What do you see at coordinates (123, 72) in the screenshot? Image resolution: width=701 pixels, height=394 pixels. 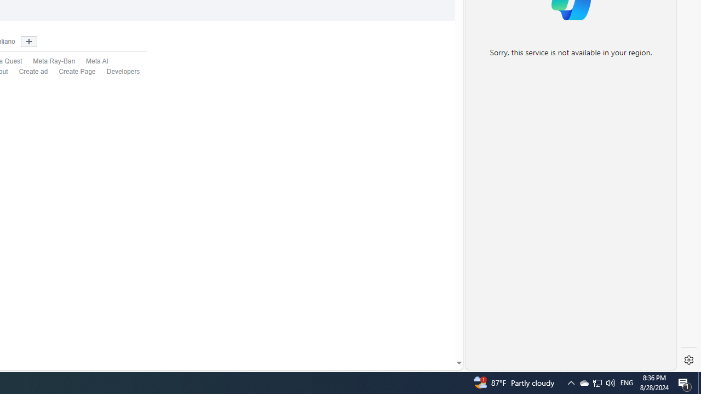 I see `'Developers'` at bounding box center [123, 72].